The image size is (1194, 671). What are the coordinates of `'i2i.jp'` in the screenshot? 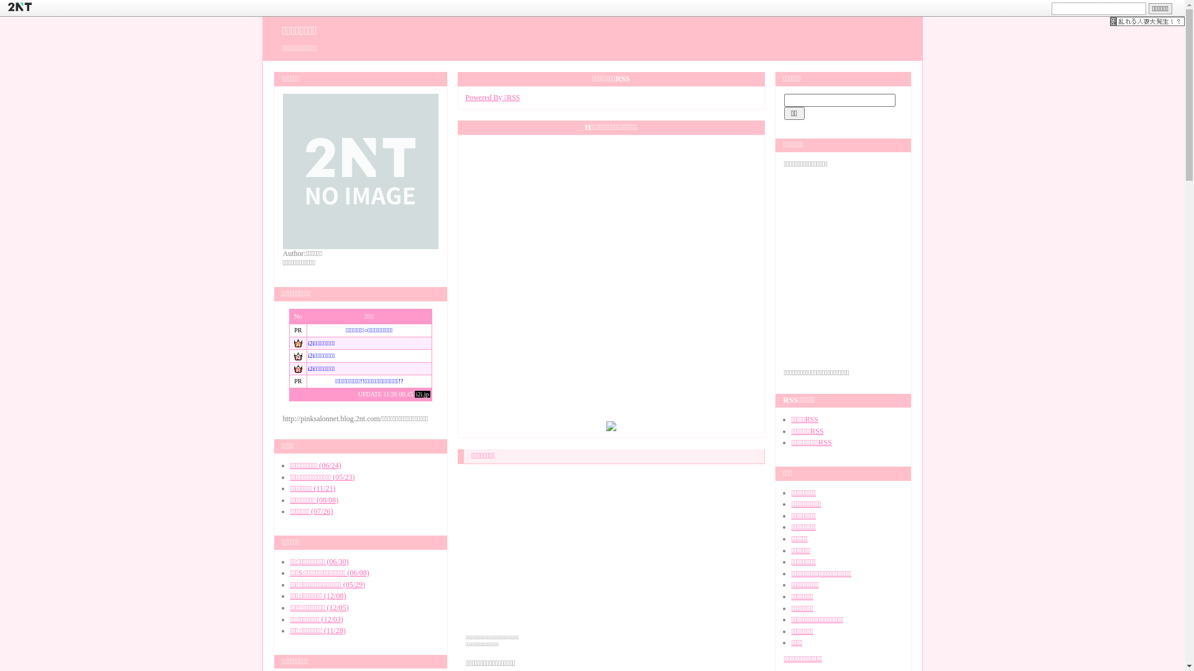 It's located at (422, 394).